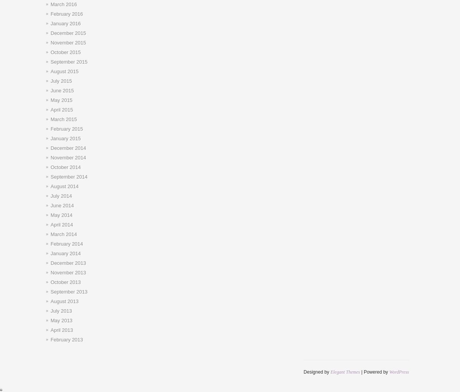 This screenshot has width=460, height=392. Describe the element at coordinates (51, 330) in the screenshot. I see `'April 2013'` at that location.